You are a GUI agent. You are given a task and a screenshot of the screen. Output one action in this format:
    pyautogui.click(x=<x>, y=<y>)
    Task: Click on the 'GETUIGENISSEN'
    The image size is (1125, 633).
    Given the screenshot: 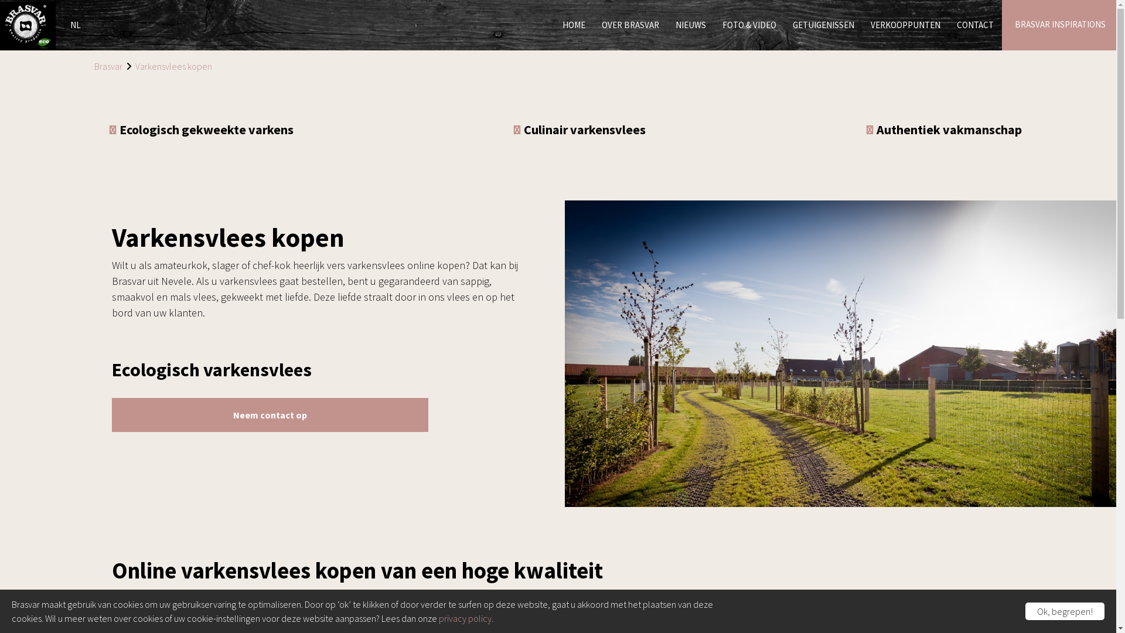 What is the action you would take?
    pyautogui.click(x=823, y=25)
    